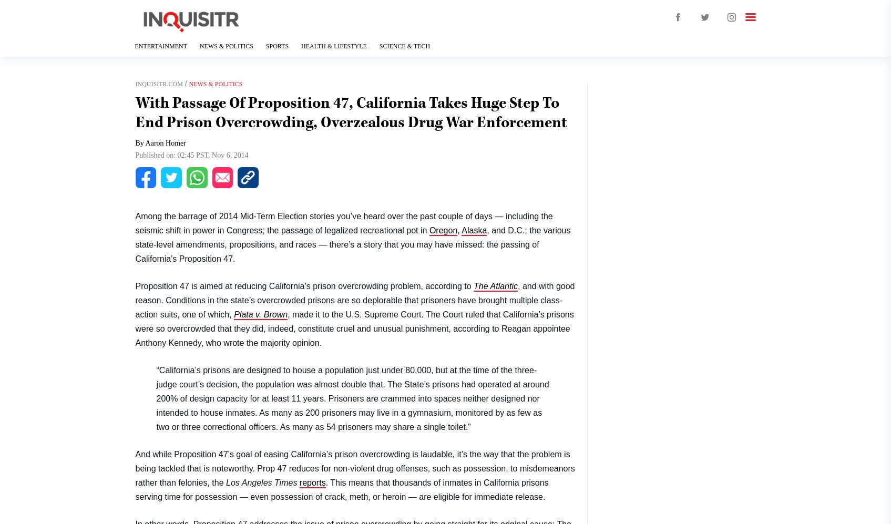 Image resolution: width=891 pixels, height=524 pixels. Describe the element at coordinates (181, 83) in the screenshot. I see `'/'` at that location.